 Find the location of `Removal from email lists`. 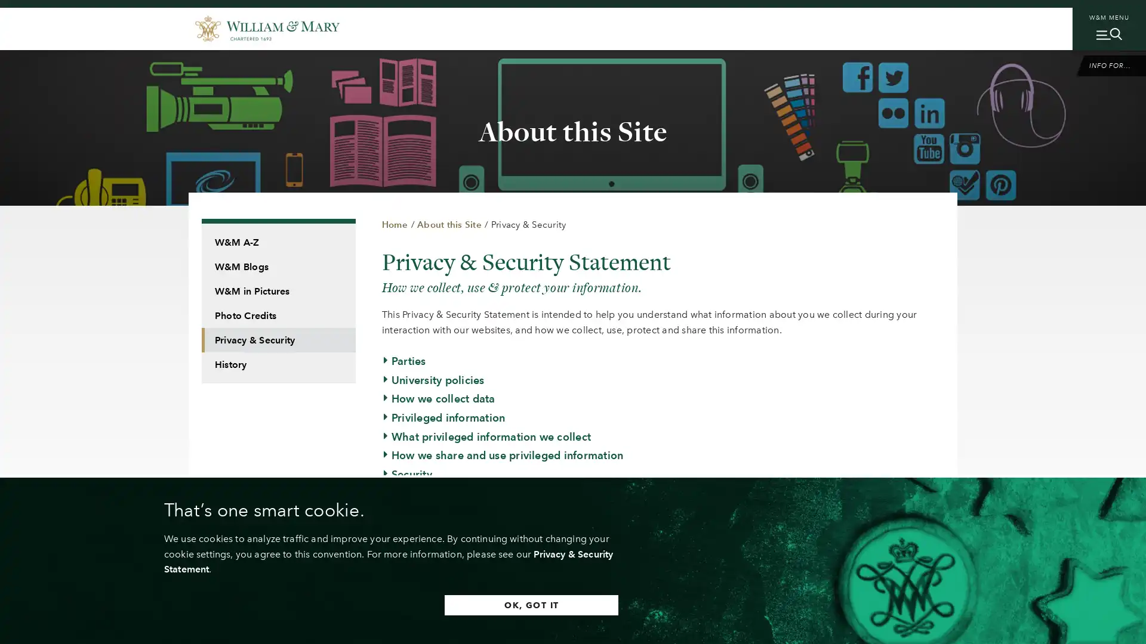

Removal from email lists is located at coordinates (449, 512).